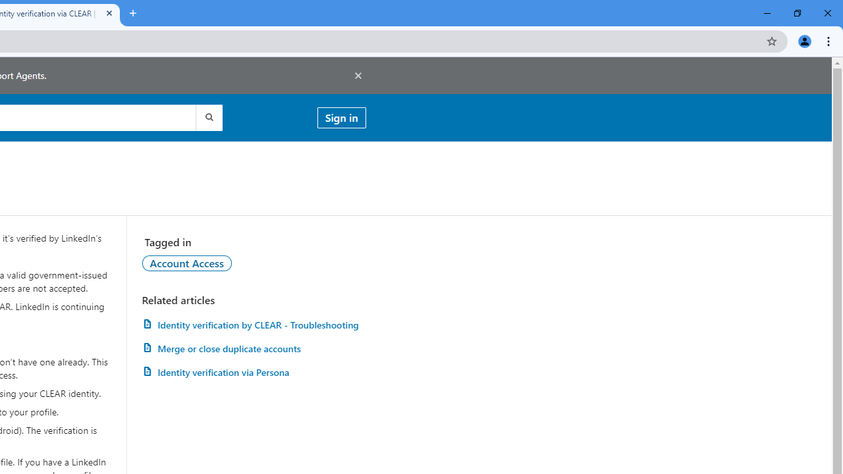 This screenshot has height=474, width=843. I want to click on 'AutomationID: article-link-a1631613', so click(254, 372).